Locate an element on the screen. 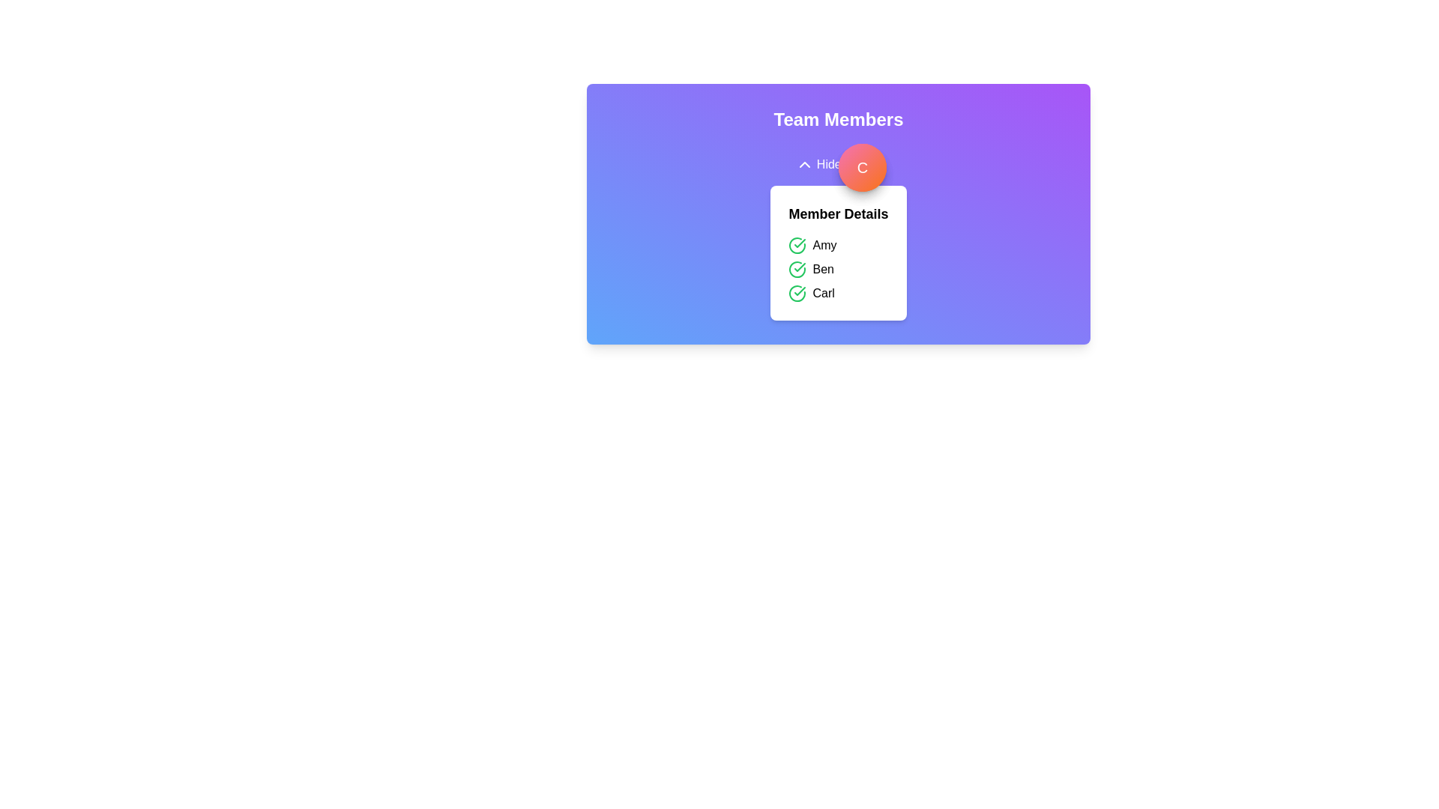 The width and height of the screenshot is (1439, 809). text from the heading label located at the top of the white rounded box, which is above the member names 'Amy', 'Ben', and 'Carl' is located at coordinates (837, 213).